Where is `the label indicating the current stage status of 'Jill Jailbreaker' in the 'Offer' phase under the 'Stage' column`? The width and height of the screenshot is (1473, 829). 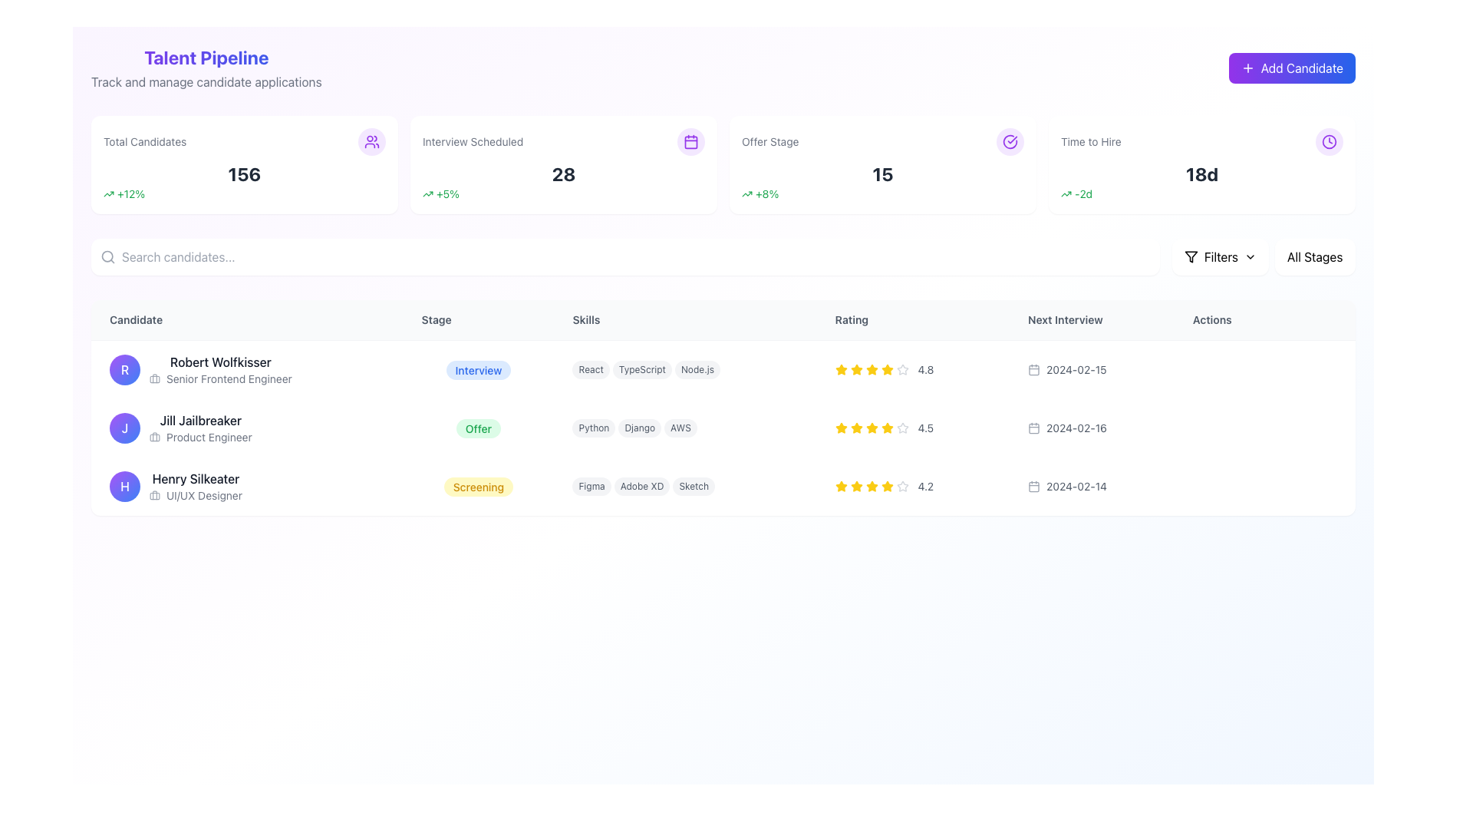 the label indicating the current stage status of 'Jill Jailbreaker' in the 'Offer' phase under the 'Stage' column is located at coordinates (478, 428).